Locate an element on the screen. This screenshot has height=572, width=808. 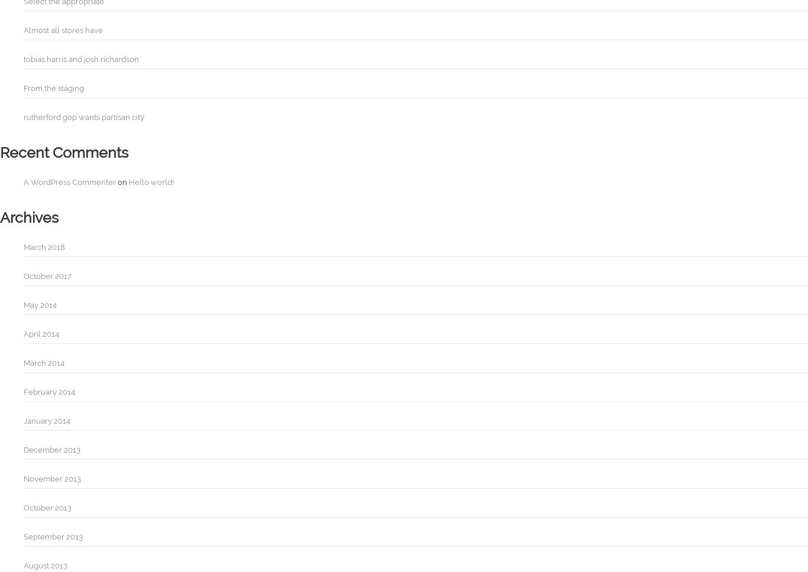
'September 2013' is located at coordinates (53, 537).